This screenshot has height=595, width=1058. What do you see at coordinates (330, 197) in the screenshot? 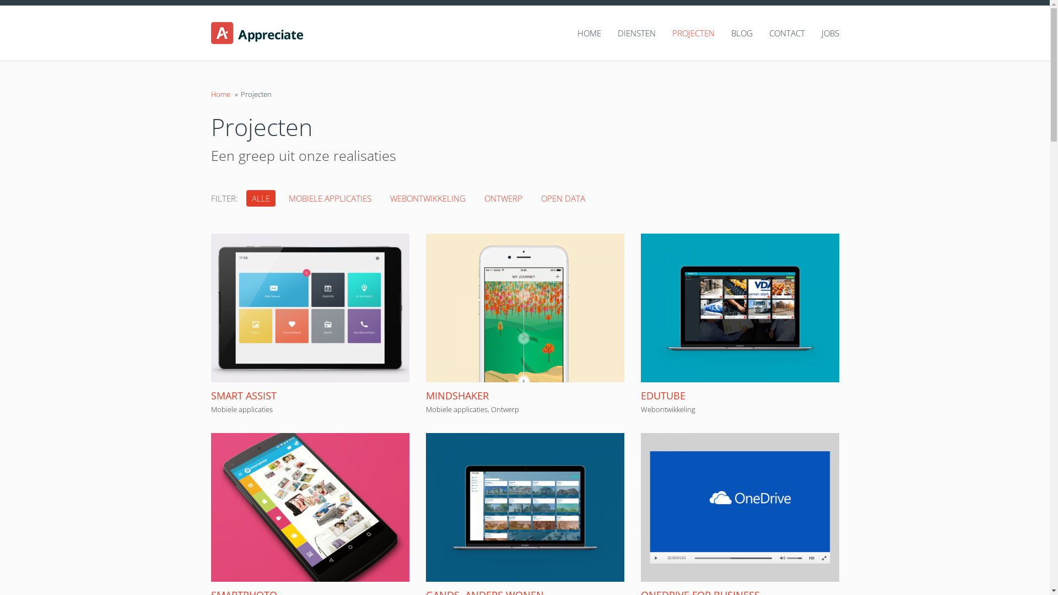
I see `'MOBIELE APPLICATIES'` at bounding box center [330, 197].